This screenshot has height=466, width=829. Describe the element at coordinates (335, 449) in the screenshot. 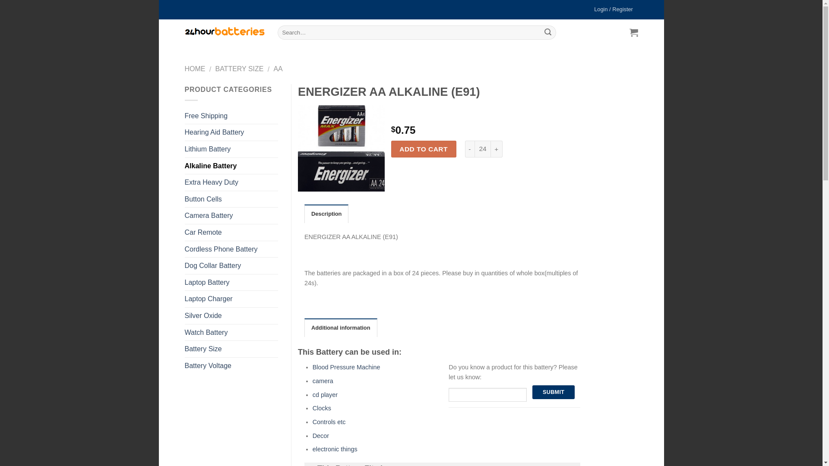

I see `'electronic things'` at that location.